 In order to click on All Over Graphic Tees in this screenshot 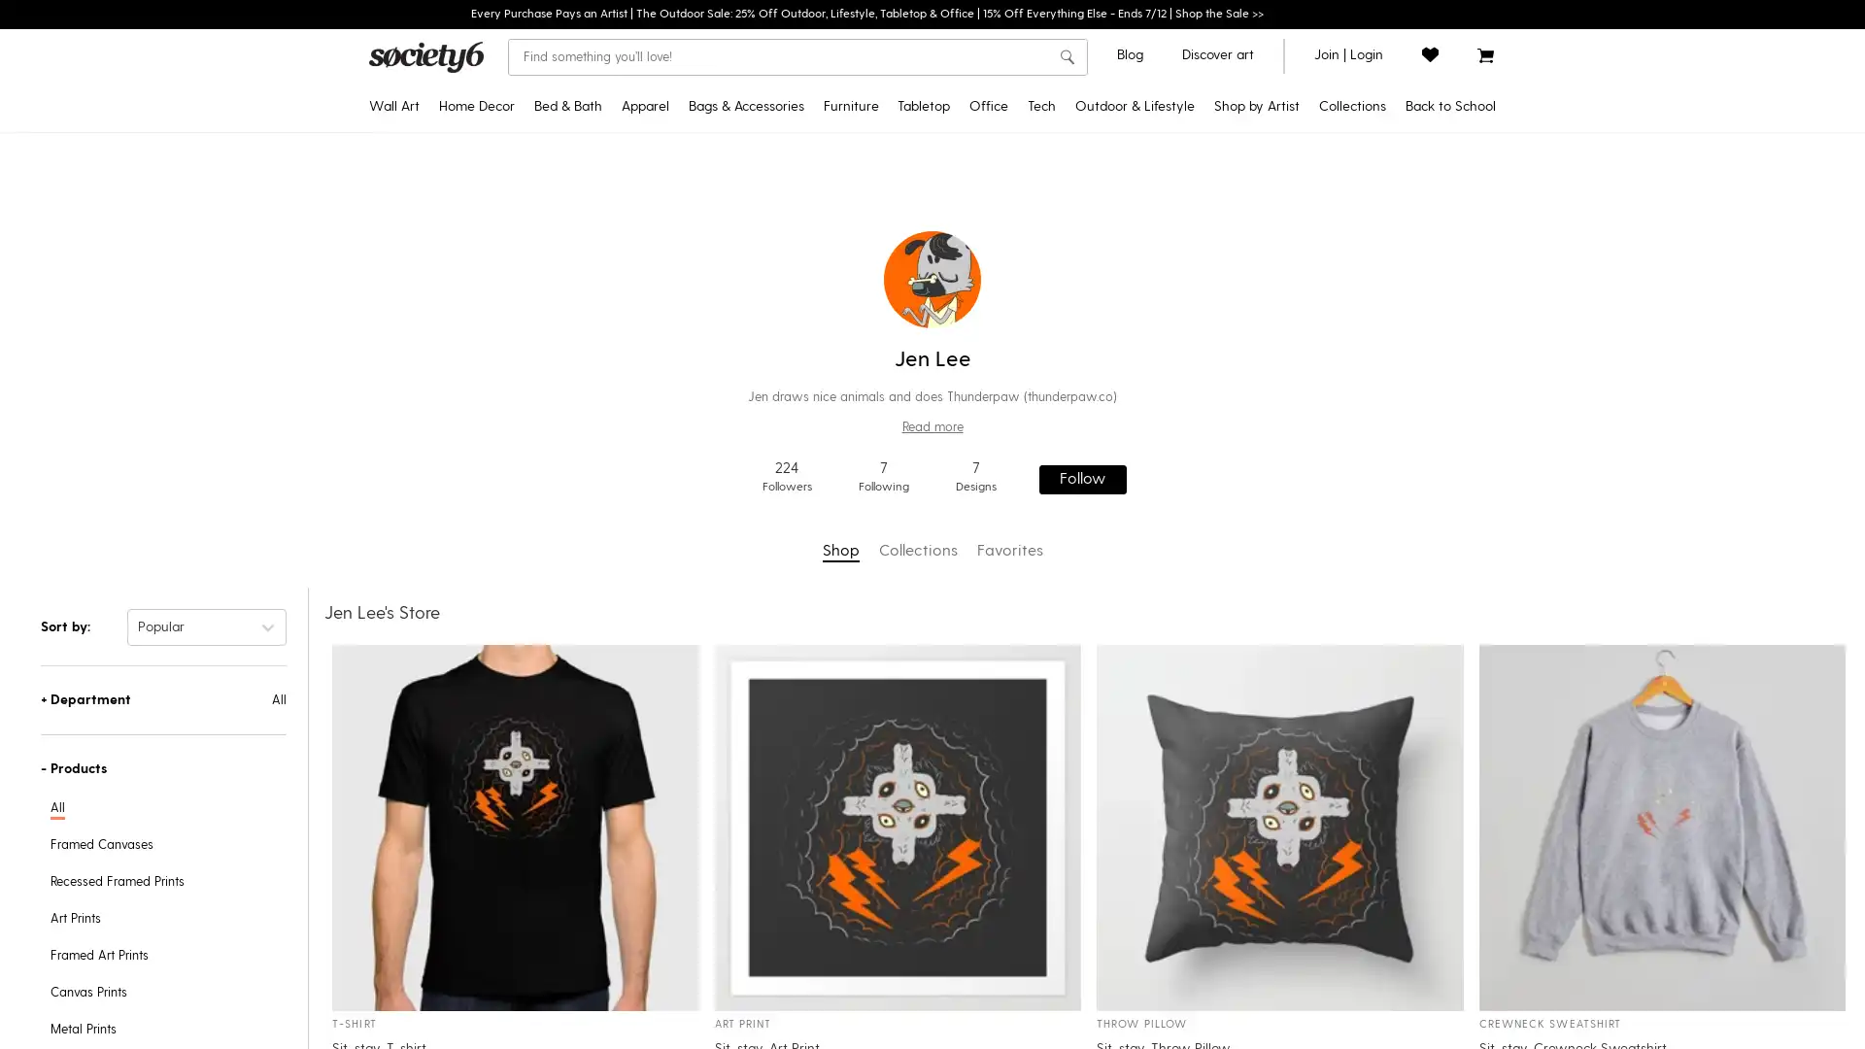, I will do `click(705, 281)`.